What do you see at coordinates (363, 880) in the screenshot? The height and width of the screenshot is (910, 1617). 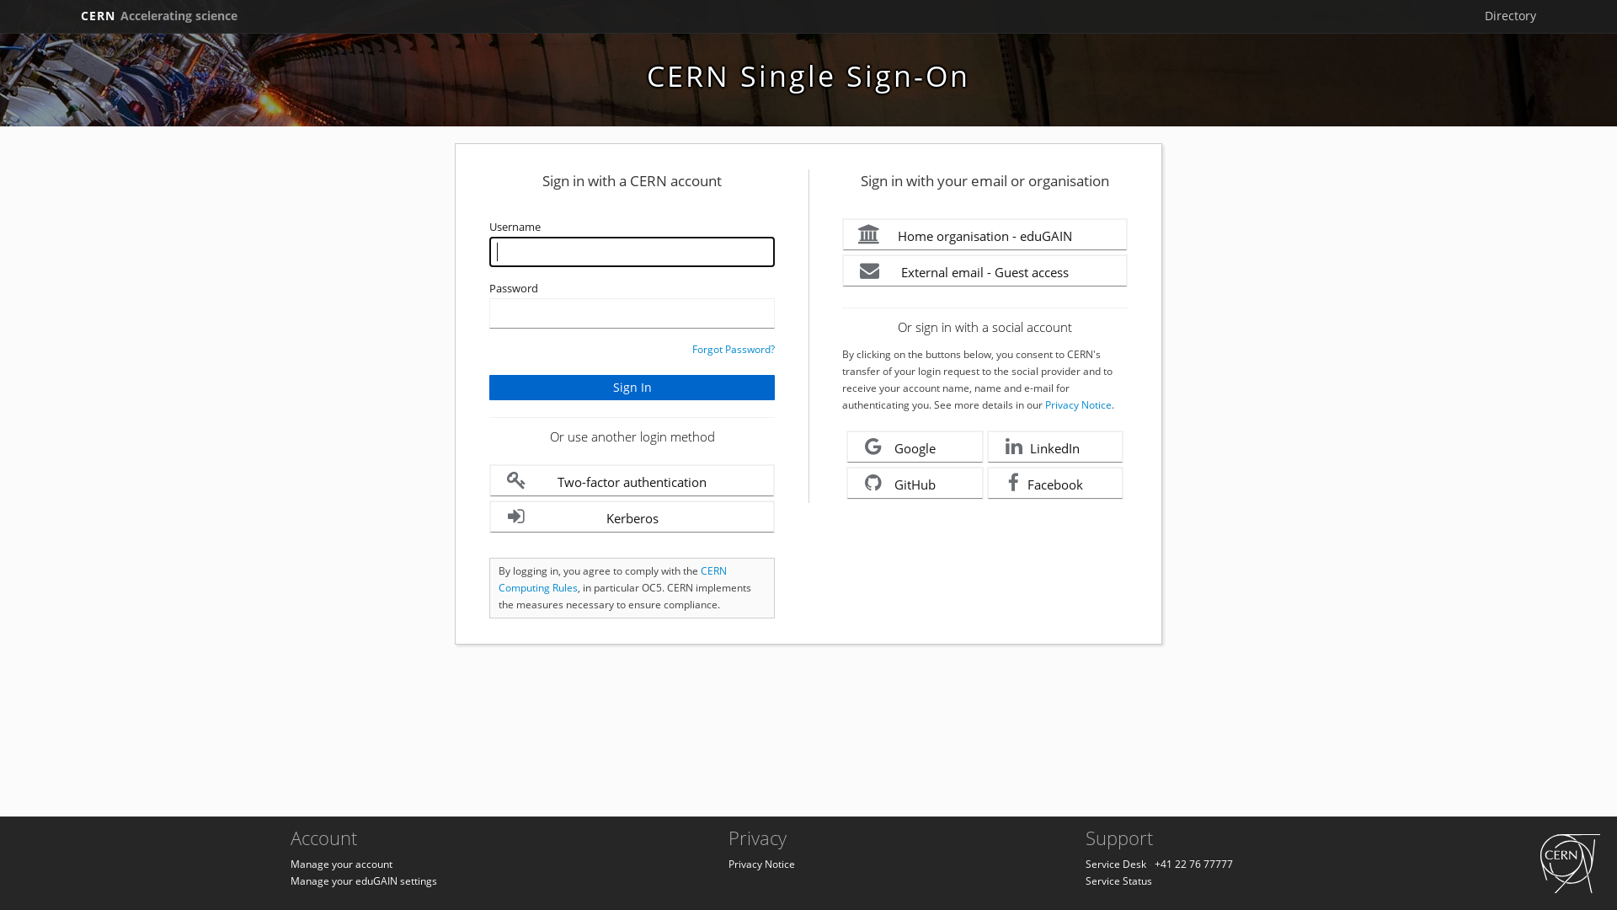 I see `'Manage your eduGAIN settings'` at bounding box center [363, 880].